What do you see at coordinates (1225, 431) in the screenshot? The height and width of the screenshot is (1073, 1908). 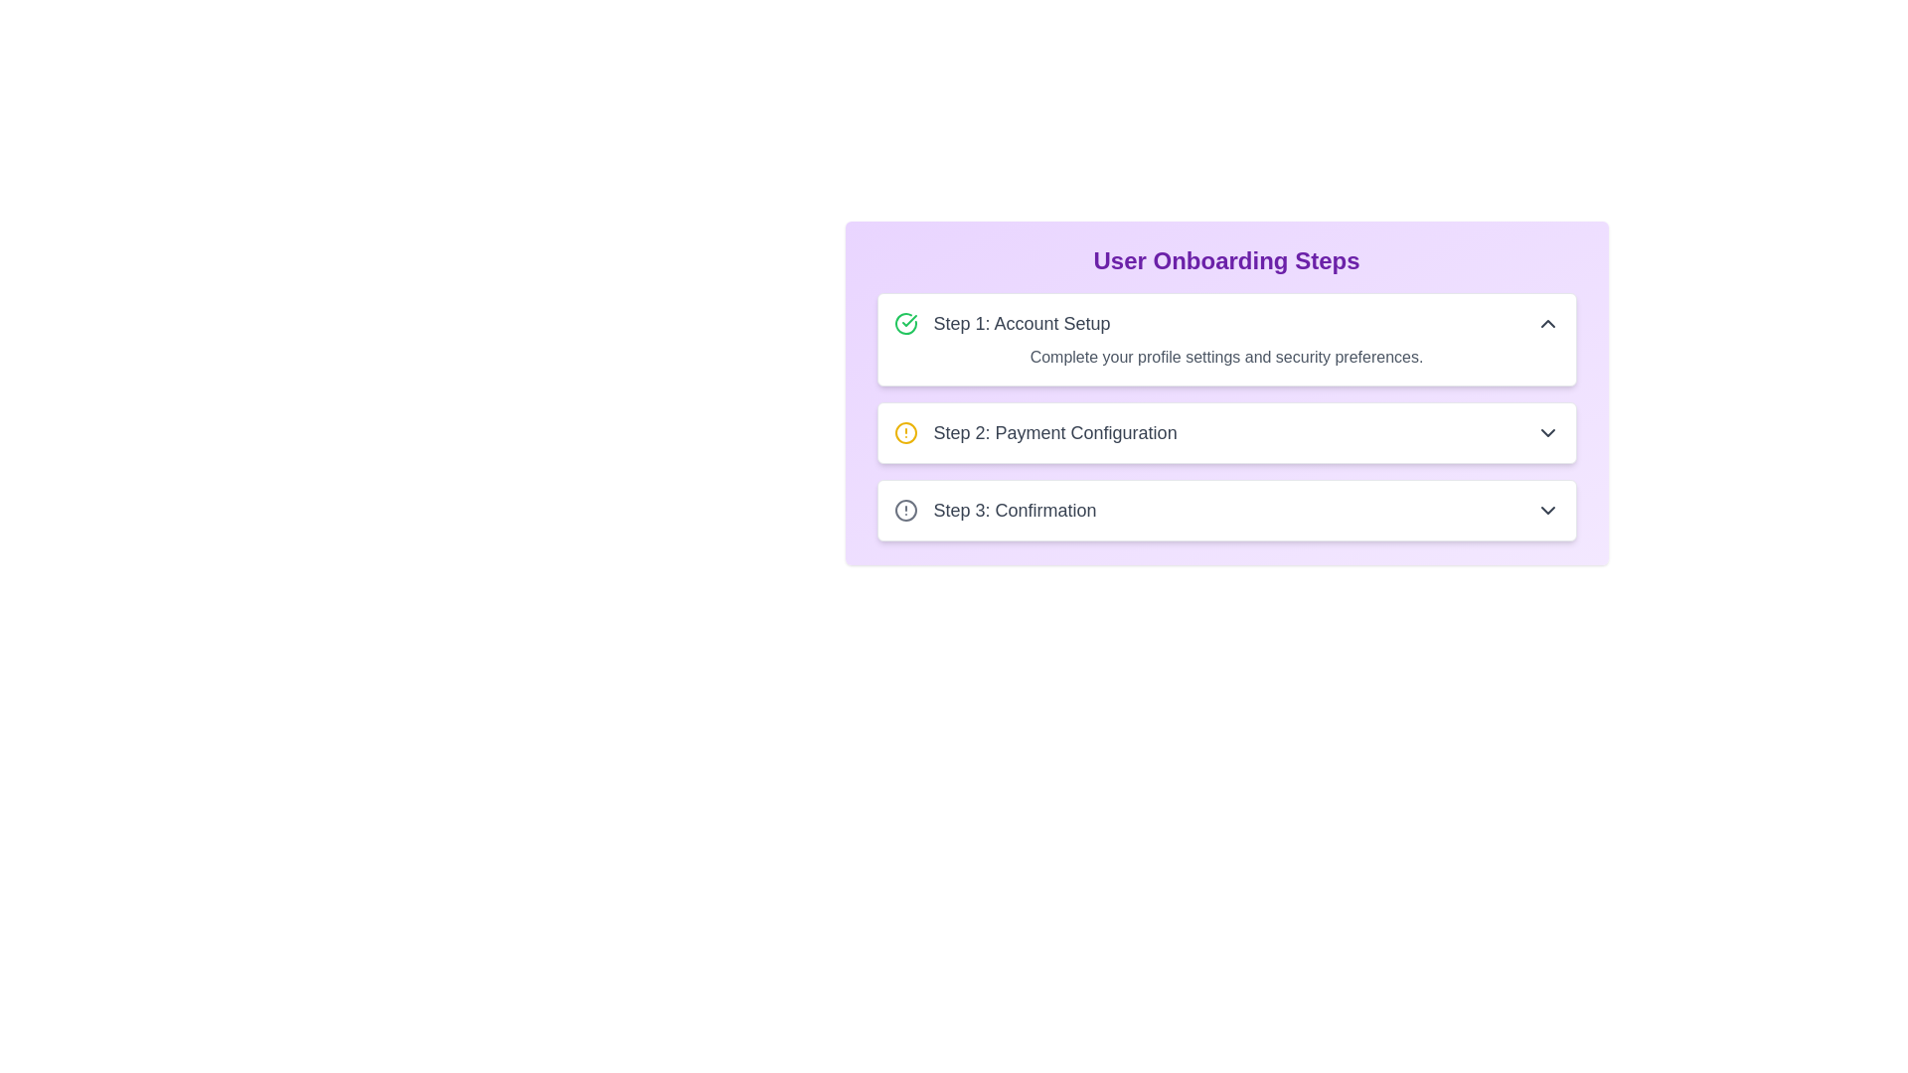 I see `the Interactive step panel displaying 'Step 2: Payment Configuration'` at bounding box center [1225, 431].